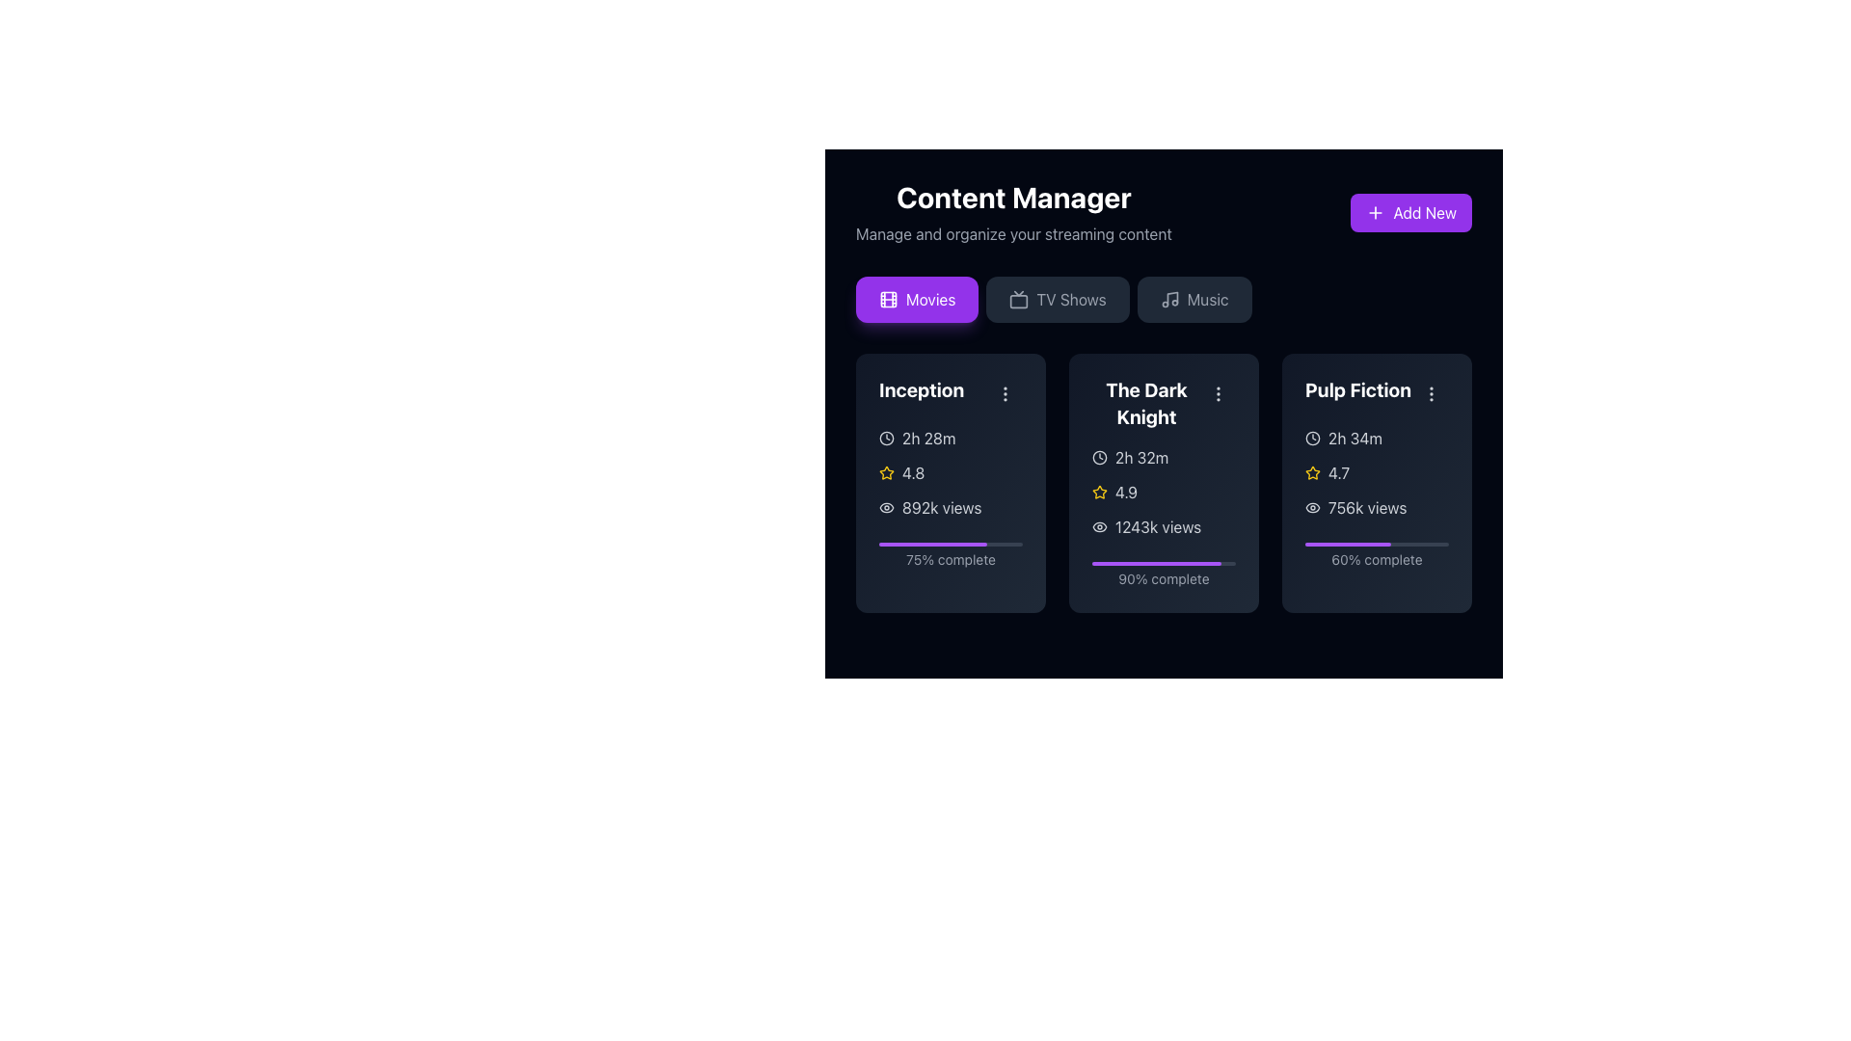 The height and width of the screenshot is (1041, 1851). I want to click on the menu trigger button located at the top-right part of the 'Pulp Fiction' card for keyboard navigation, so click(1431, 392).